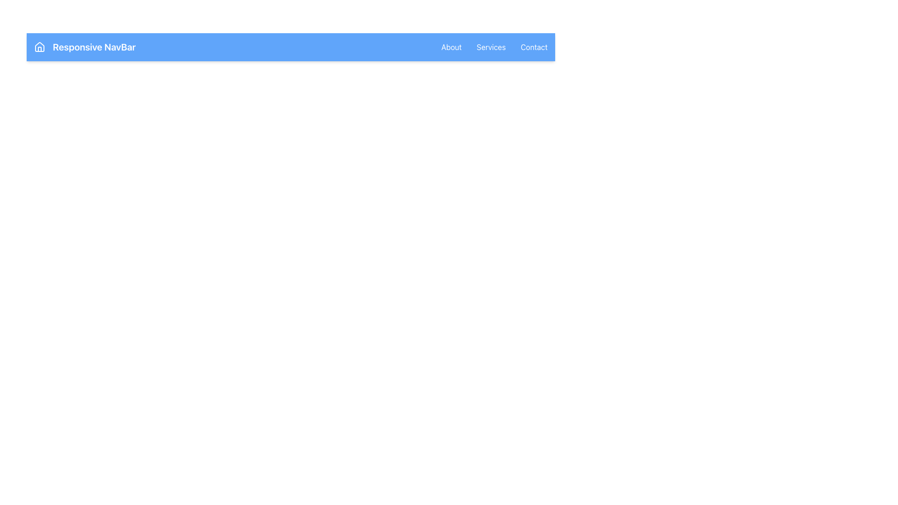  I want to click on the 'home' icon located in the leftmost position of the navigation bar, adjacent to the 'Responsive NavBar' text, so click(39, 47).